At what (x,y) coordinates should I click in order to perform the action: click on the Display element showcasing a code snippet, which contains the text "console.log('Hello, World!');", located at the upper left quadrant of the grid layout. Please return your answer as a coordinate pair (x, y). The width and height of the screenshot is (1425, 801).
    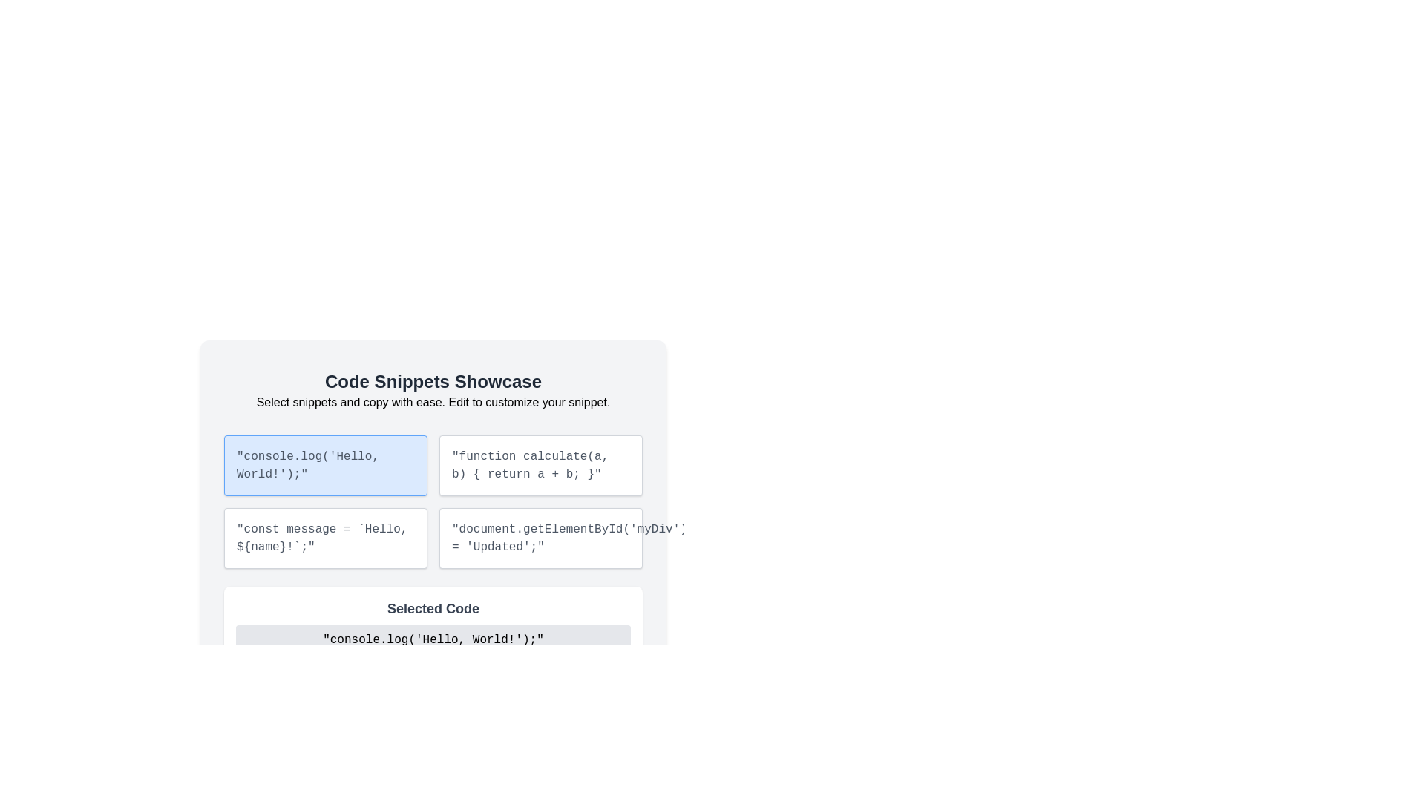
    Looking at the image, I should click on (433, 484).